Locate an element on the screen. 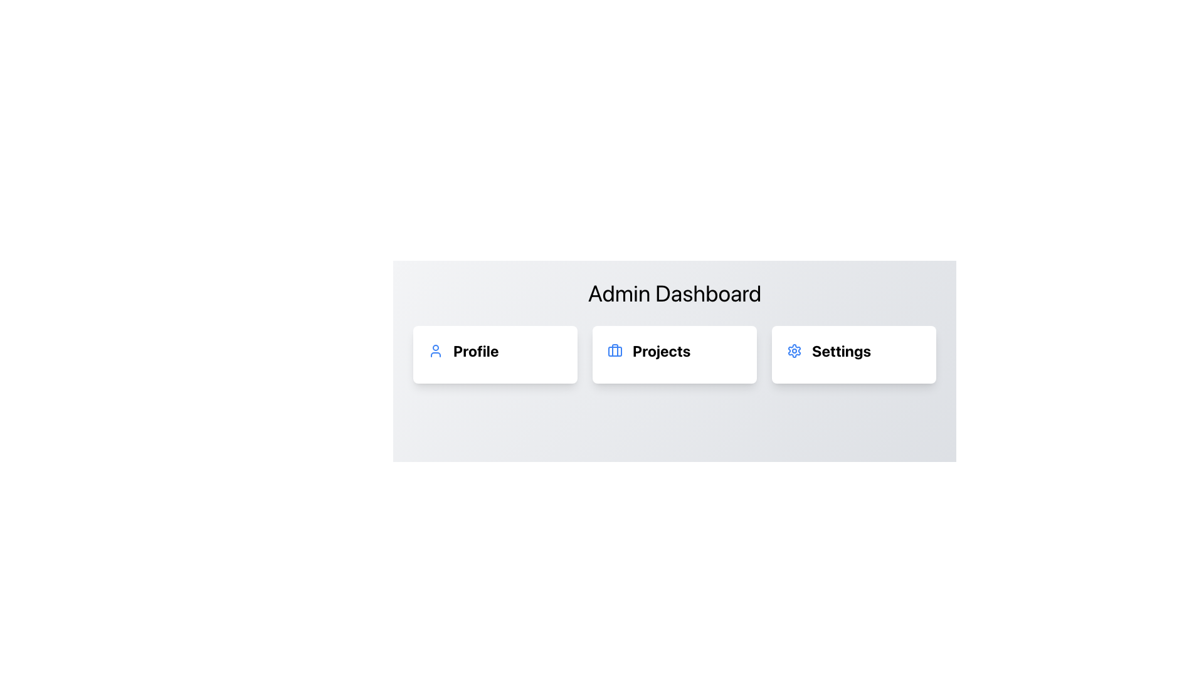 The image size is (1204, 677). the blue gear icon located within the rightmost card labeled 'Settings' is located at coordinates (794, 350).